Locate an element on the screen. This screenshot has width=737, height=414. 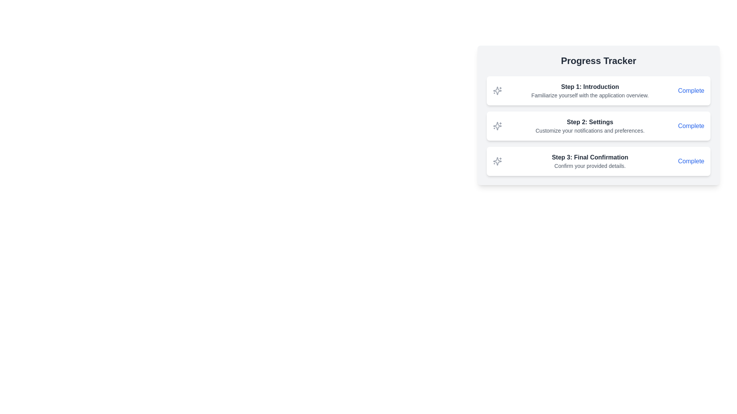
text label indicating the first step in the Progress Tracker, which is located above 'Step 2: Settings' is located at coordinates (590, 87).